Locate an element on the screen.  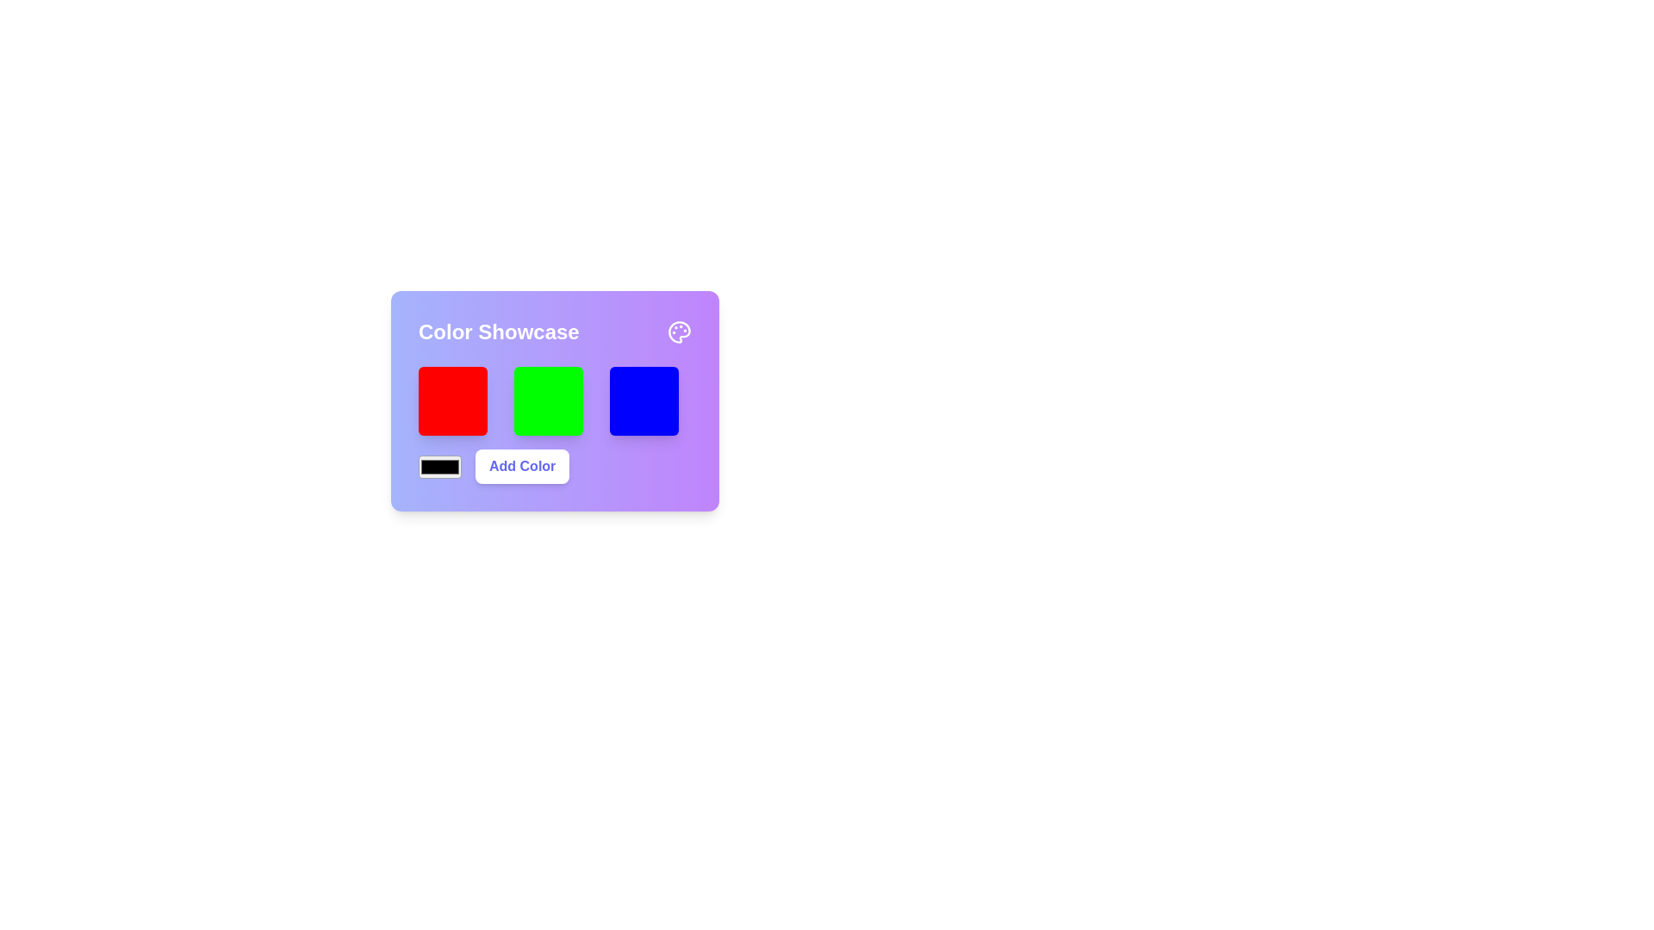
the decorative icon located at the top-right corner of the 'Color Showcase' panel, adjacent to the text header is located at coordinates (678, 332).